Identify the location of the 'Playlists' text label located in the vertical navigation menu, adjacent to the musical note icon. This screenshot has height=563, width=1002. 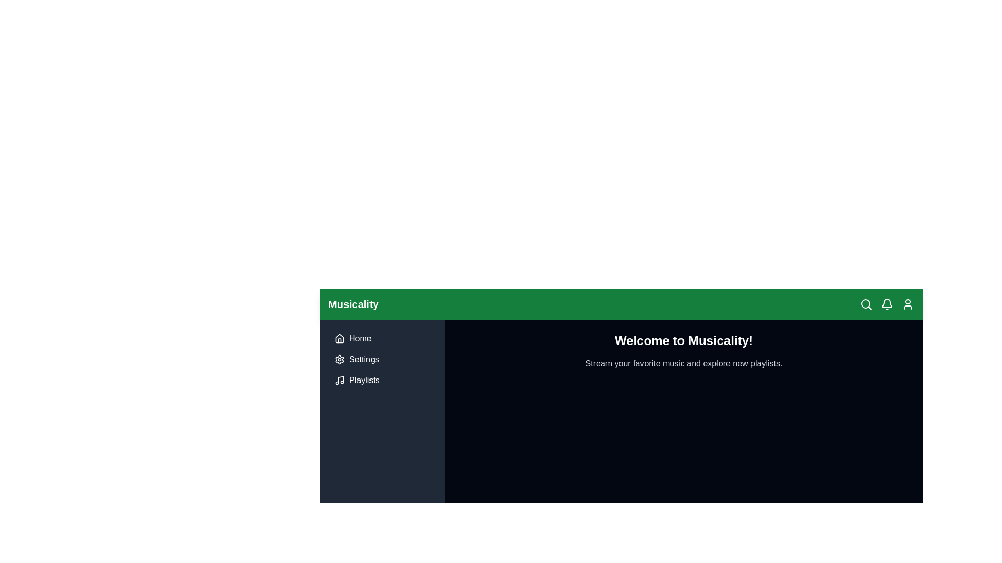
(364, 380).